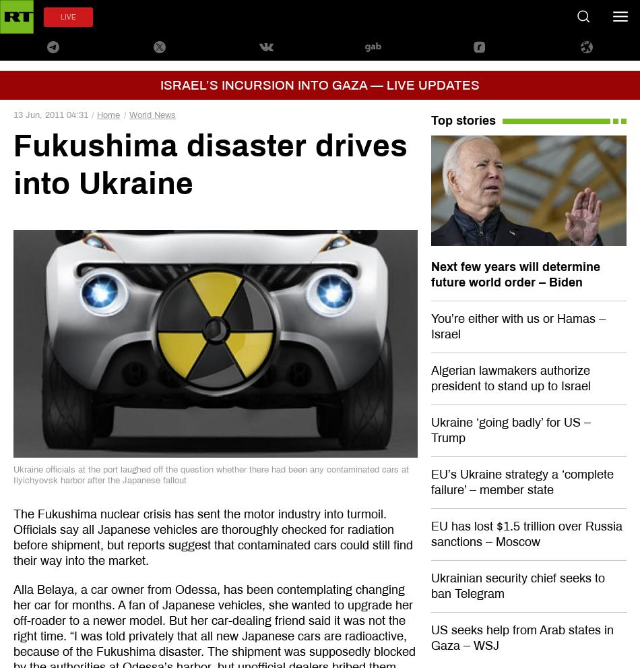 This screenshot has width=640, height=668. I want to click on 'Ukraine officials at the port laughed off the question whether there had been any contaminated cars at Ilyichyovsk harbor after the Japanese fallout', so click(210, 475).